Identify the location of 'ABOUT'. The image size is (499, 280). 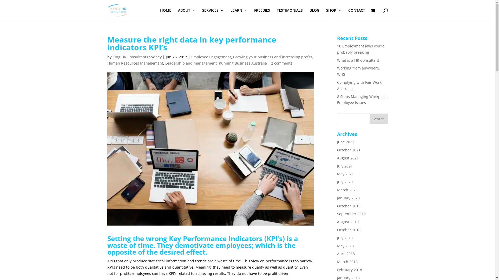
(186, 14).